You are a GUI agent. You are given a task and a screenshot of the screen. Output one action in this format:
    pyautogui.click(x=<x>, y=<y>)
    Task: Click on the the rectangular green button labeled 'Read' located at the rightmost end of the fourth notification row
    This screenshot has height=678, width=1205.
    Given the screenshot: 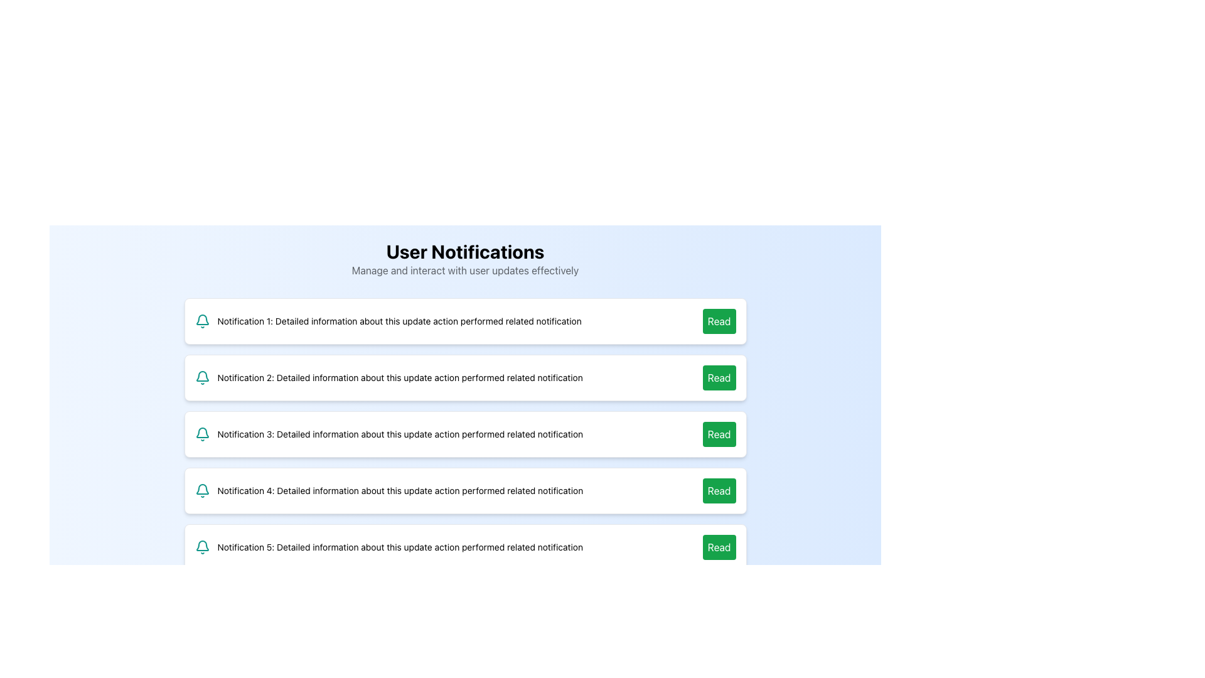 What is the action you would take?
    pyautogui.click(x=719, y=490)
    